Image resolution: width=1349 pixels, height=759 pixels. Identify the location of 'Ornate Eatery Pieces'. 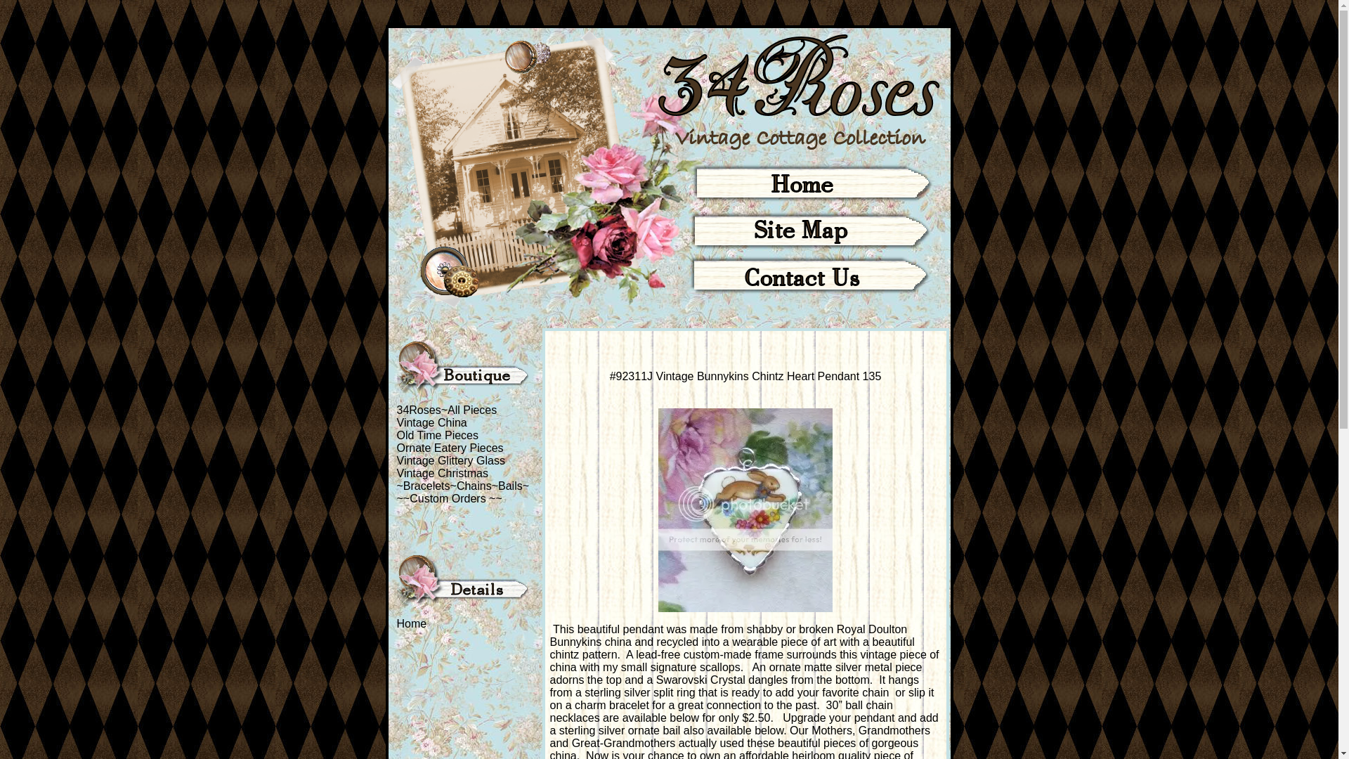
(448, 448).